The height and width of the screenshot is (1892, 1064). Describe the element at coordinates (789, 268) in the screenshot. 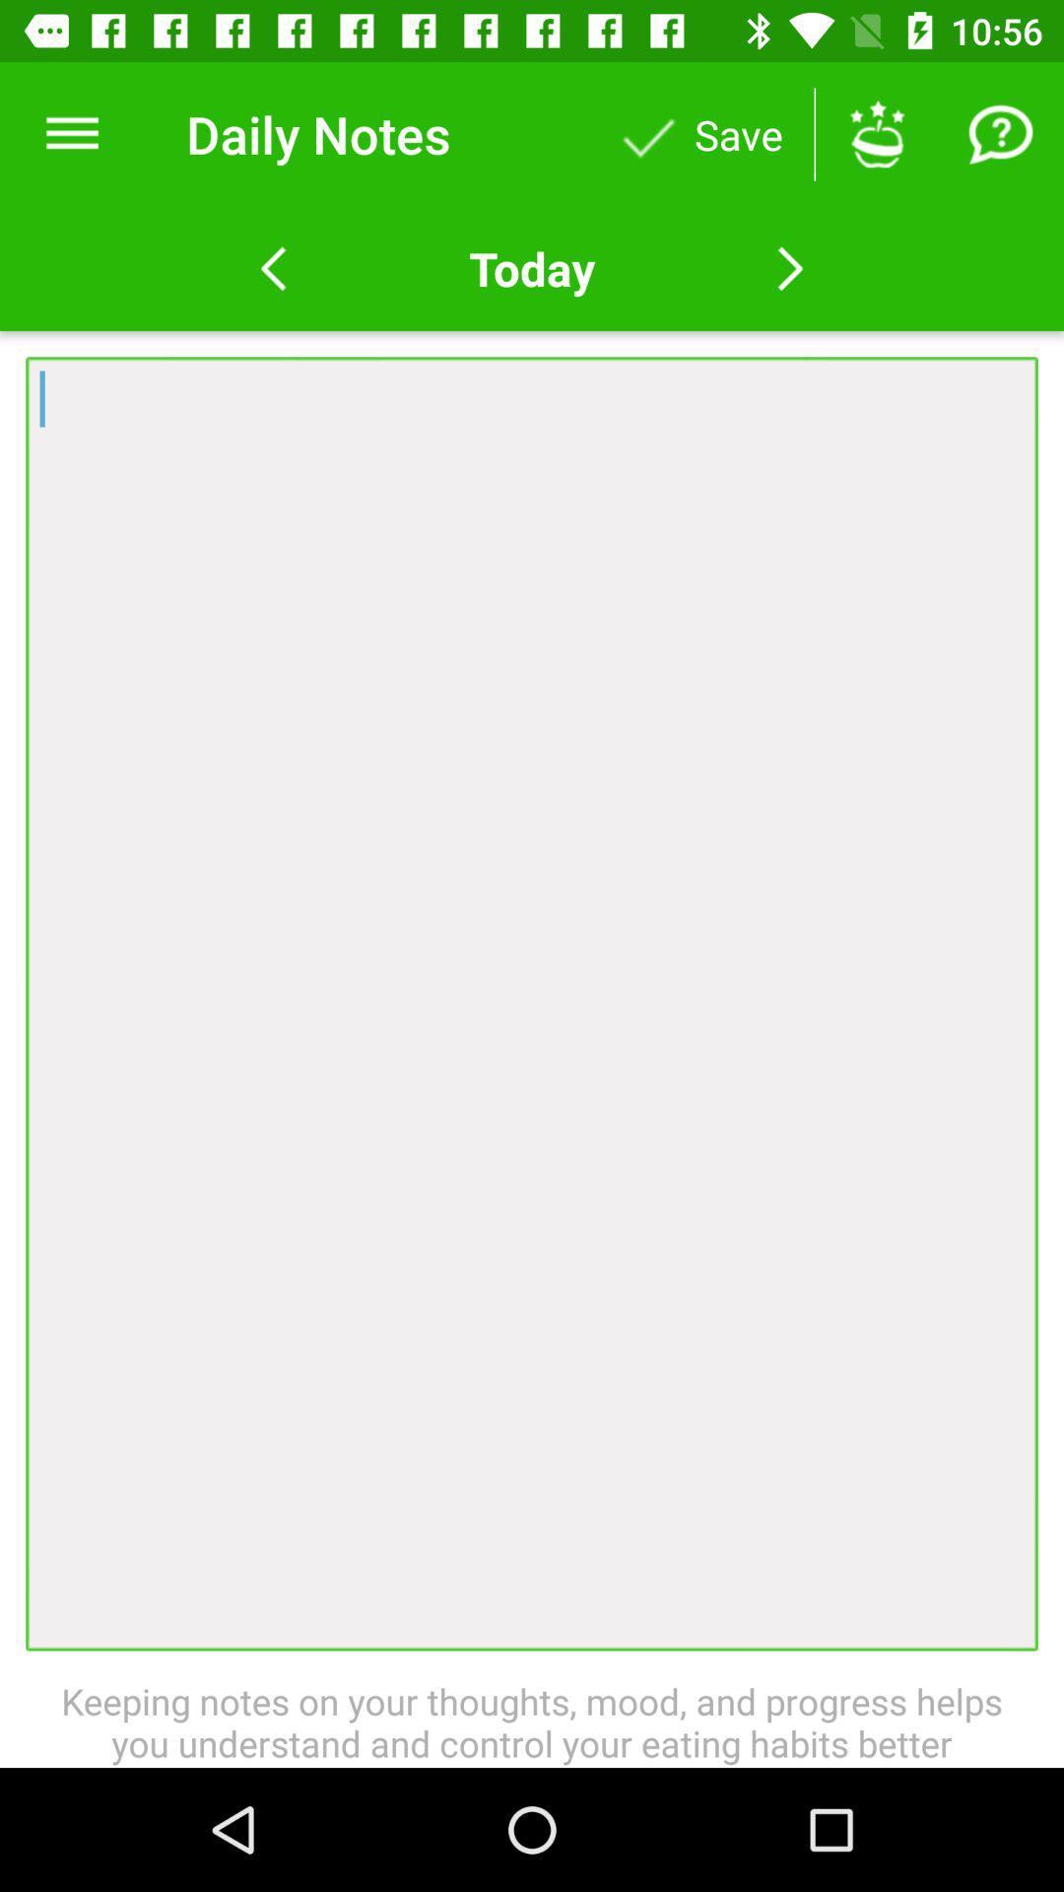

I see `the arrow_forward icon` at that location.